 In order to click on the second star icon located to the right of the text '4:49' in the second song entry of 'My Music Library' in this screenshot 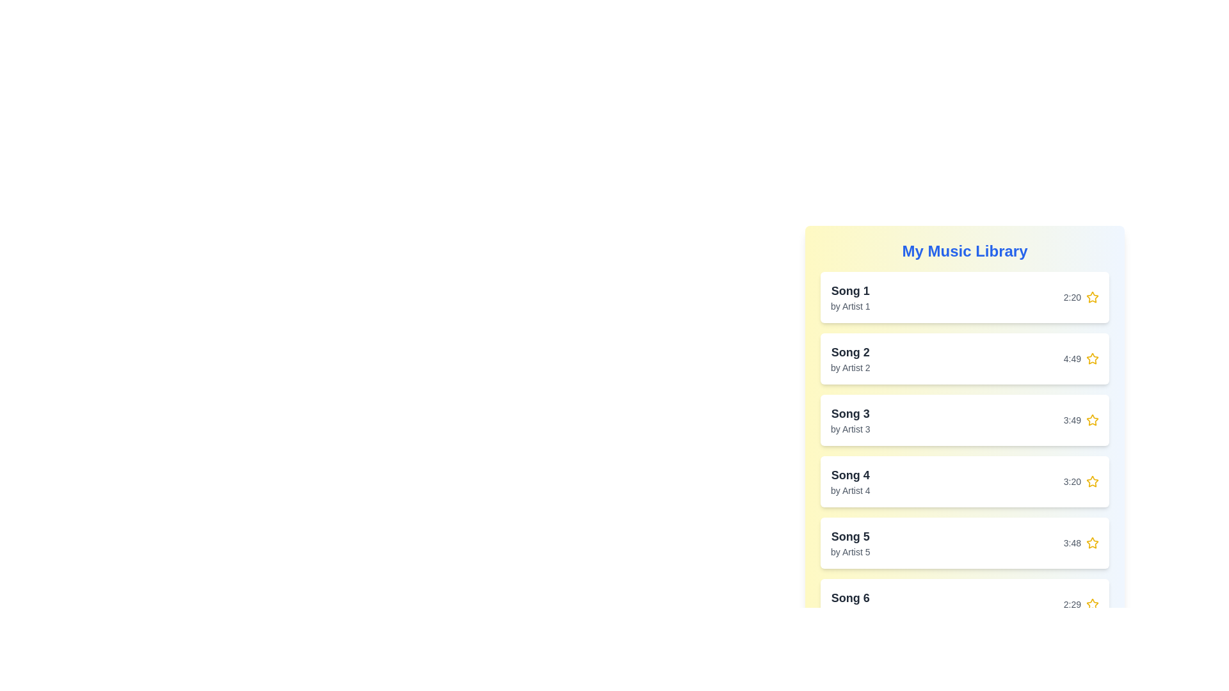, I will do `click(1092, 358)`.